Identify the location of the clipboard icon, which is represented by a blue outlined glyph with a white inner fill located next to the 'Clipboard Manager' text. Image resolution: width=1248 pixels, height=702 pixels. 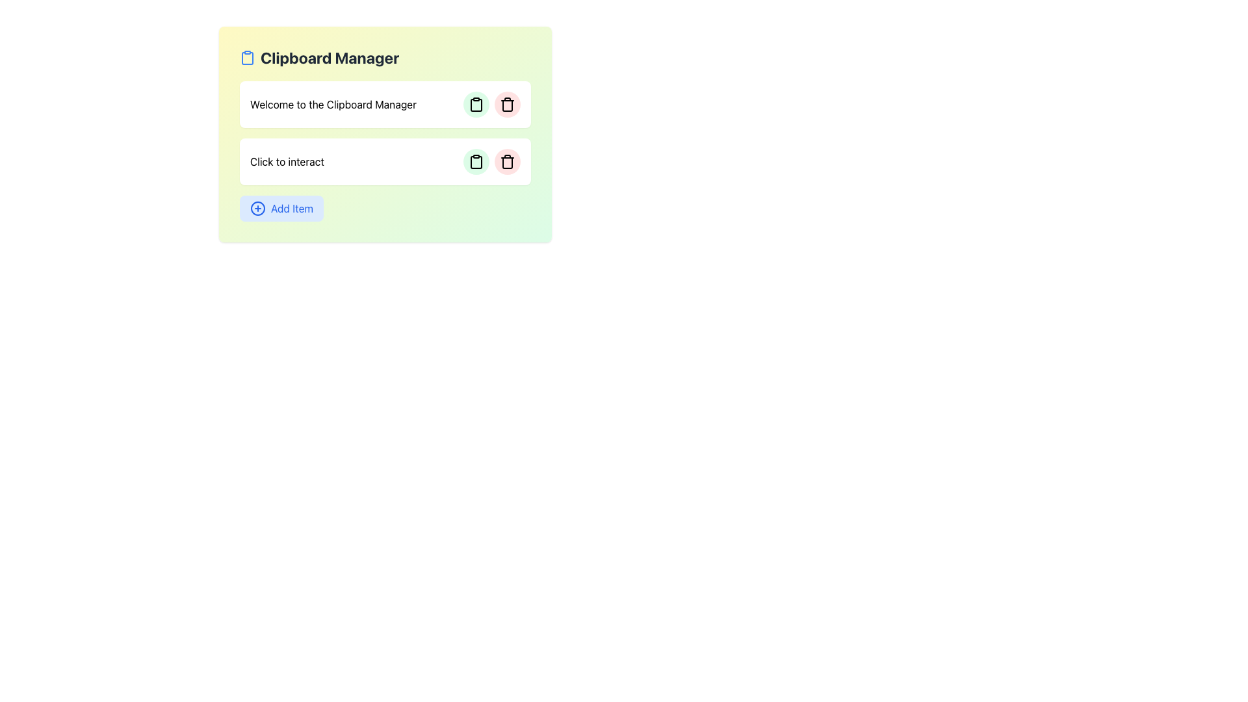
(247, 57).